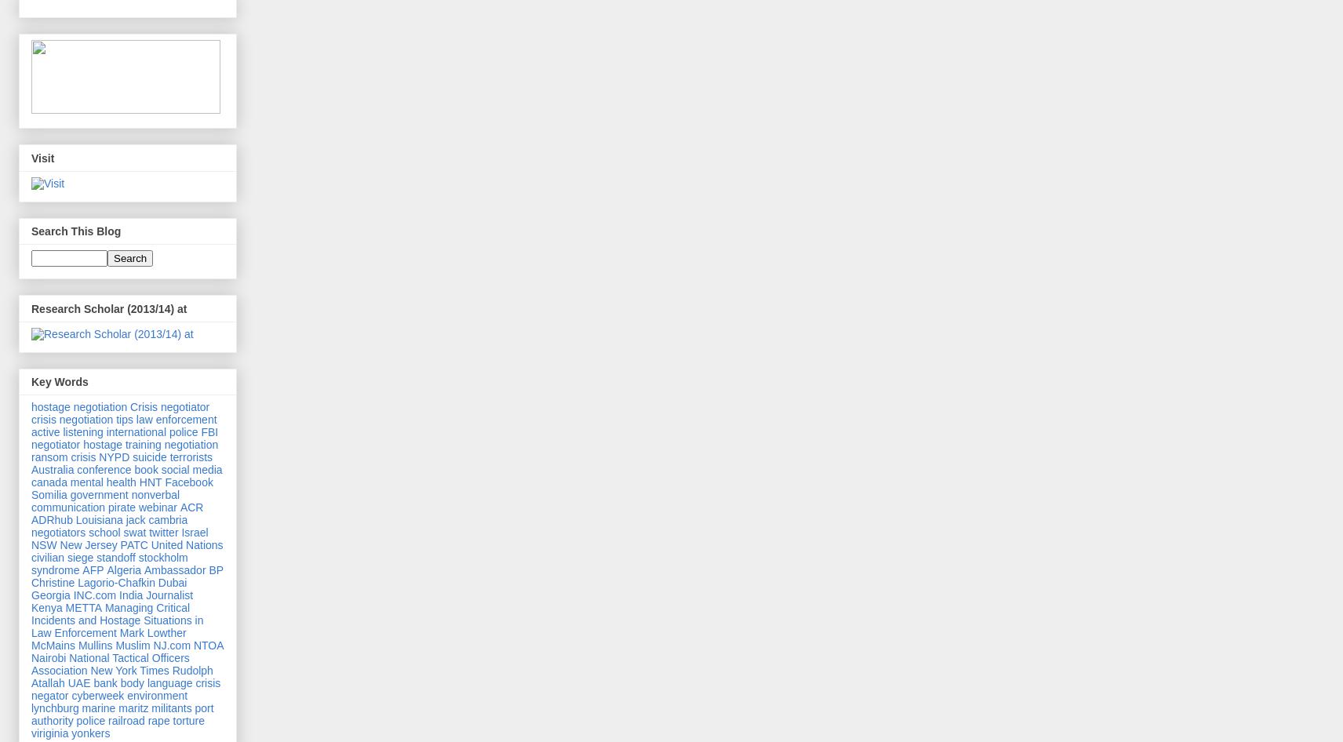 This screenshot has width=1343, height=742. I want to click on 'government', so click(98, 493).